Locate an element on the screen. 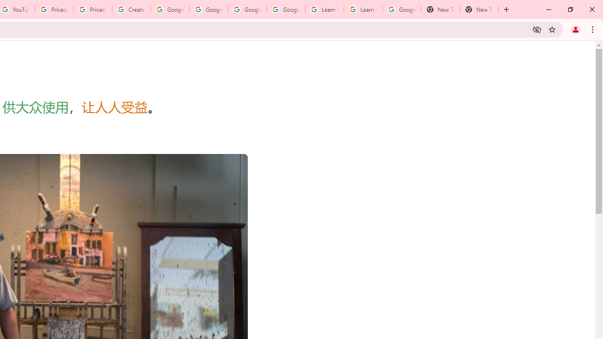 This screenshot has width=603, height=339. 'Google Account Help' is located at coordinates (247, 9).